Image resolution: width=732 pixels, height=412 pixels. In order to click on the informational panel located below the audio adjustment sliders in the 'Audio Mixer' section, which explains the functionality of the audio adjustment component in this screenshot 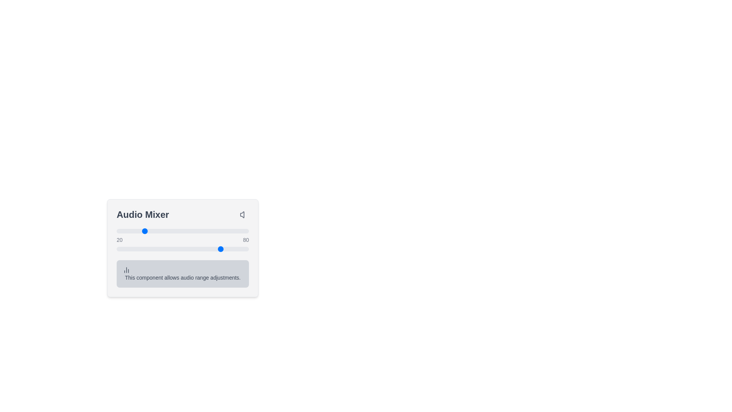, I will do `click(182, 273)`.